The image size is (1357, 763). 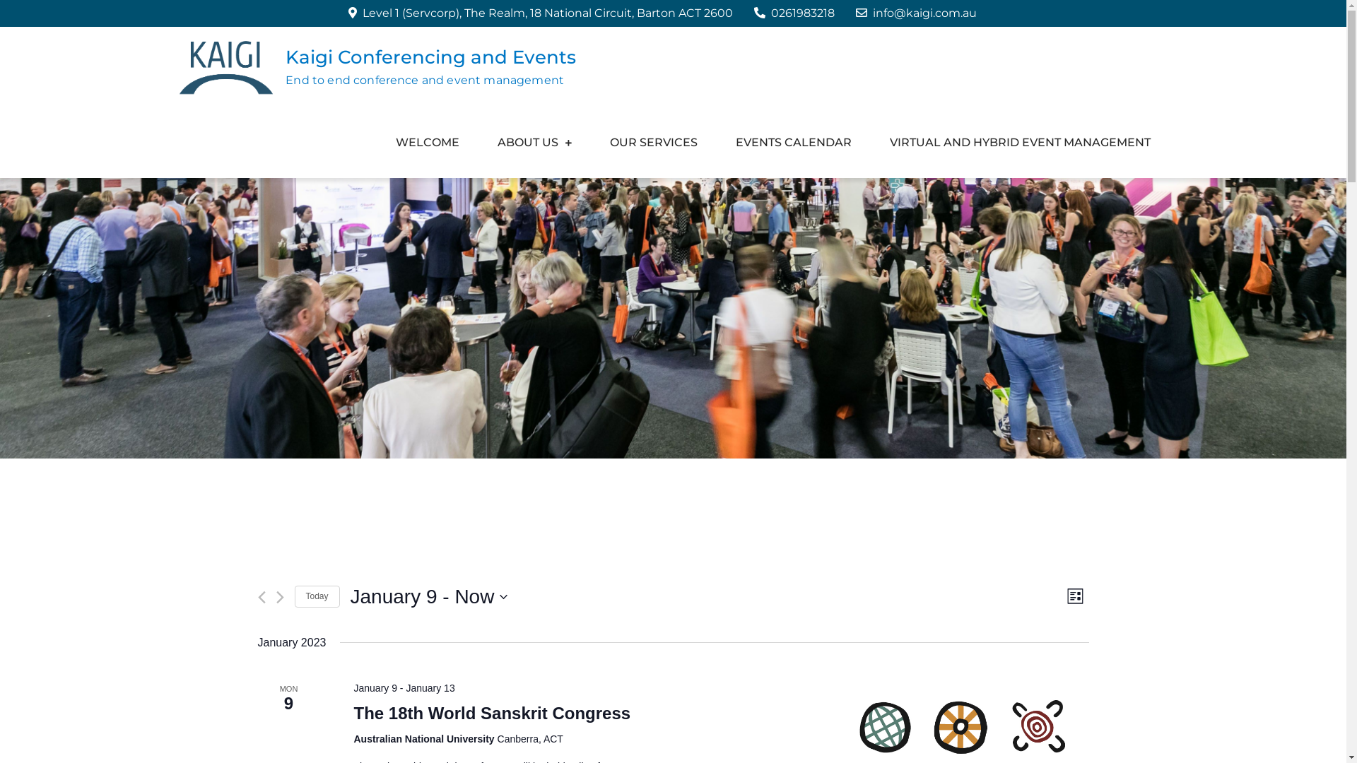 I want to click on 'info@kaigi.com.au', so click(x=916, y=13).